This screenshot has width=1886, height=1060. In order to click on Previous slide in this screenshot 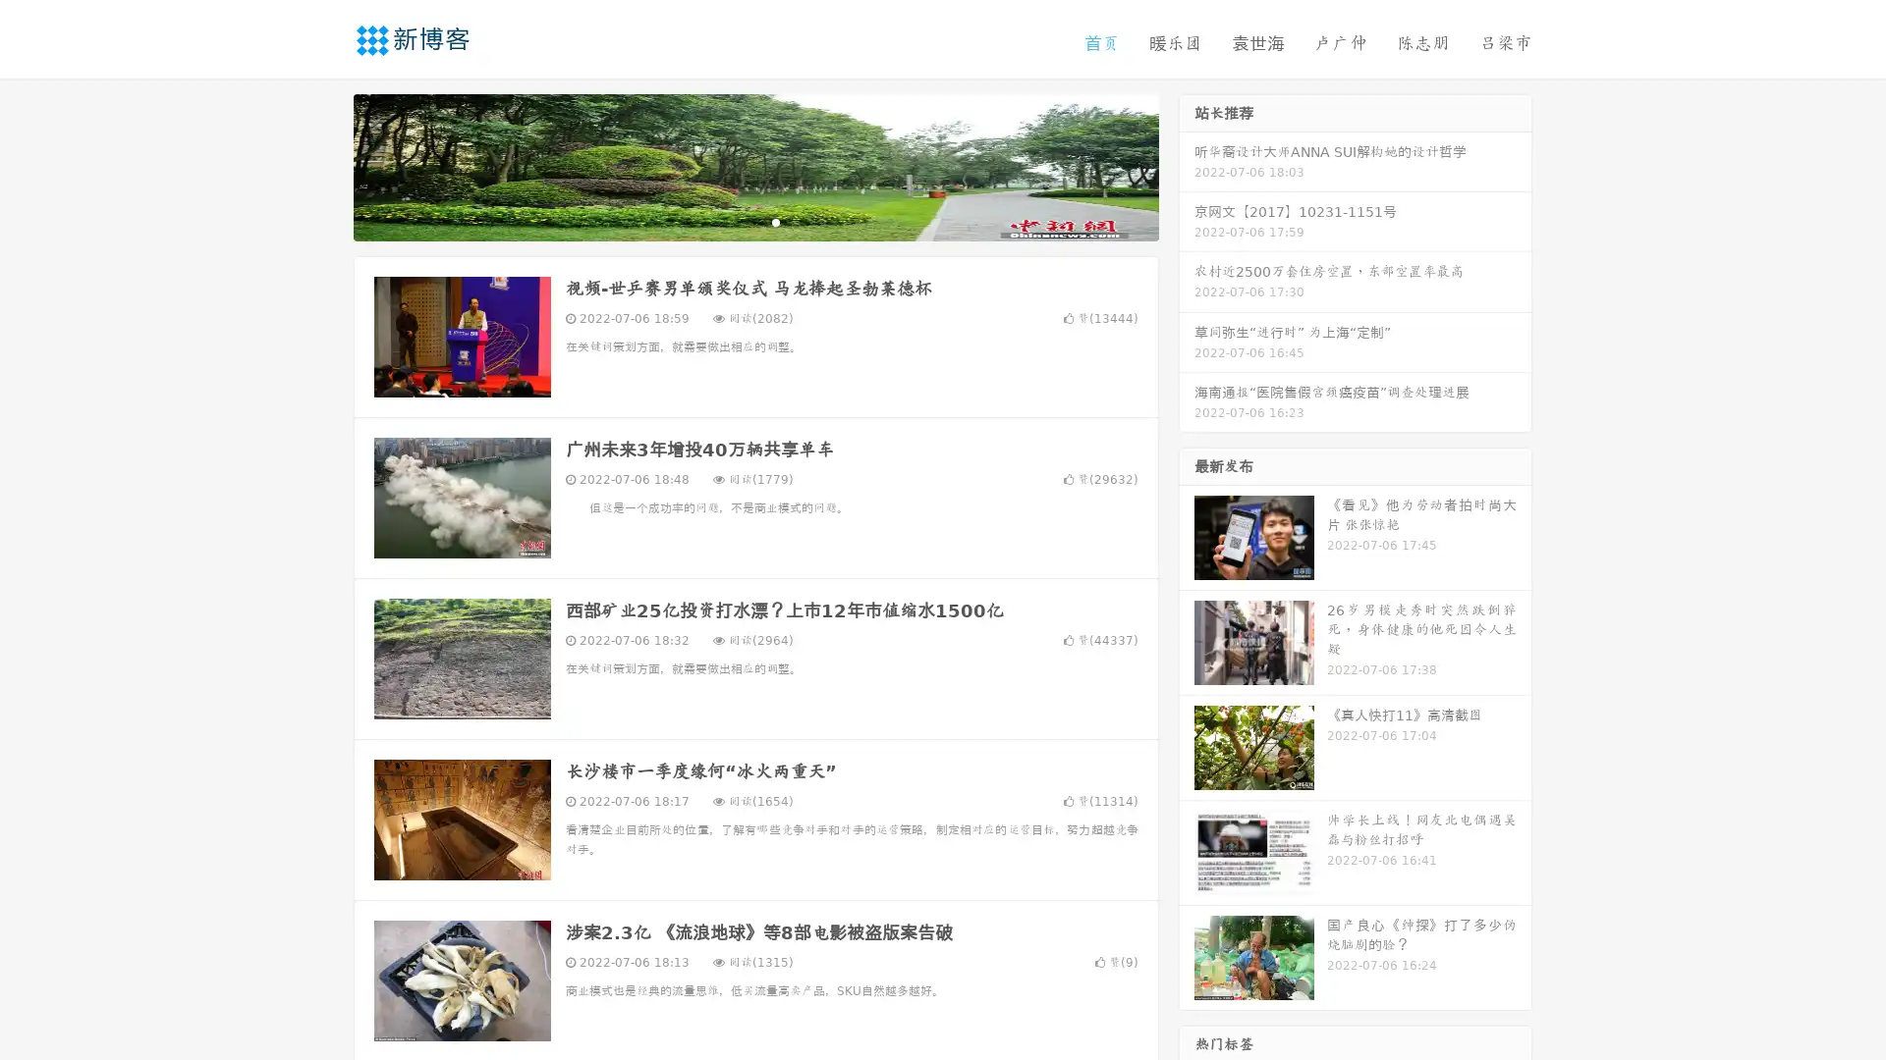, I will do `click(324, 165)`.